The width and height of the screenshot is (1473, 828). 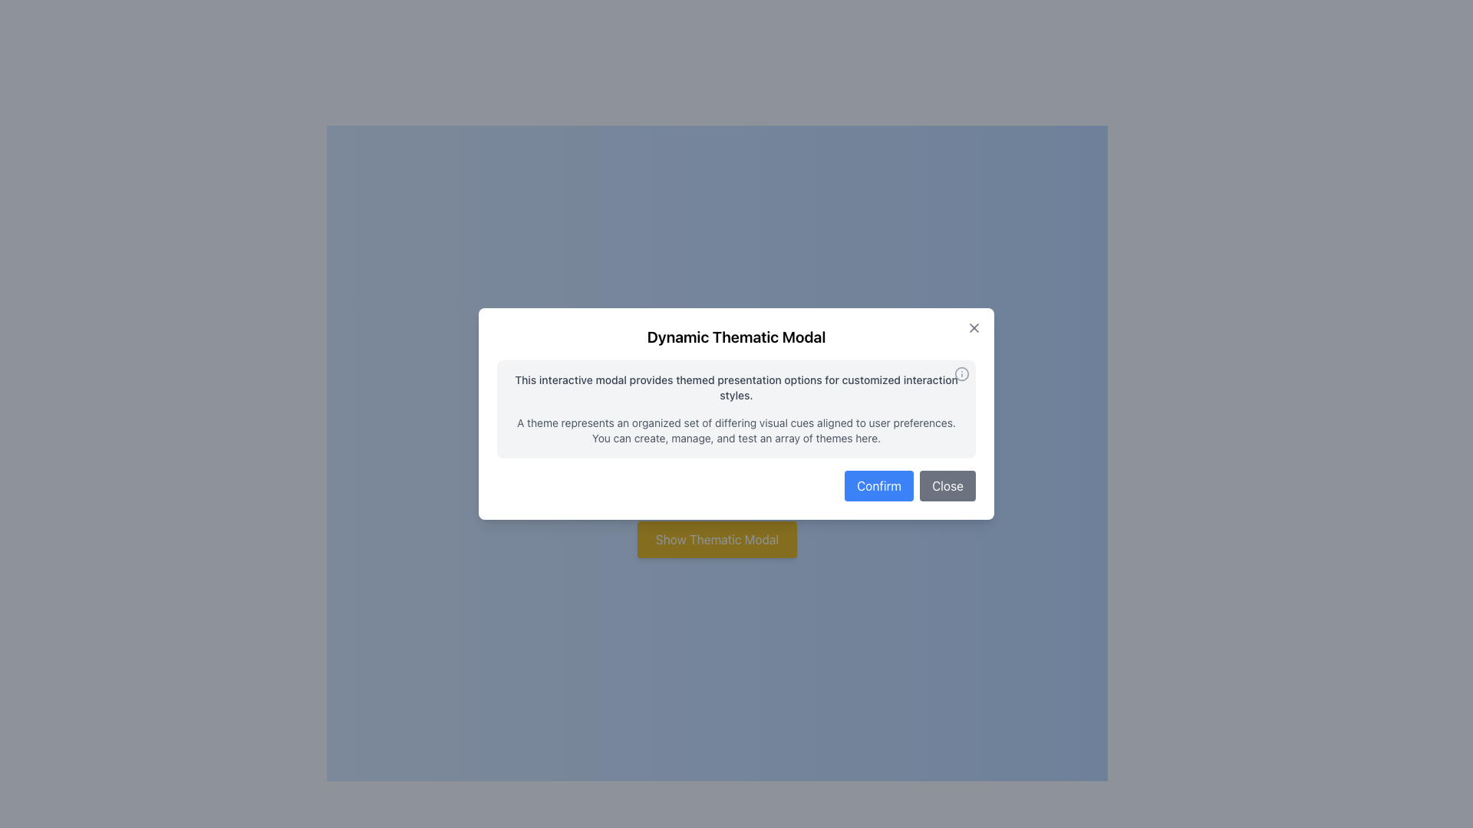 What do you see at coordinates (879, 485) in the screenshot?
I see `the confirm button located at the bottom-right corner of the modal dialog, which triggers a primary action or submits the modal's contents` at bounding box center [879, 485].